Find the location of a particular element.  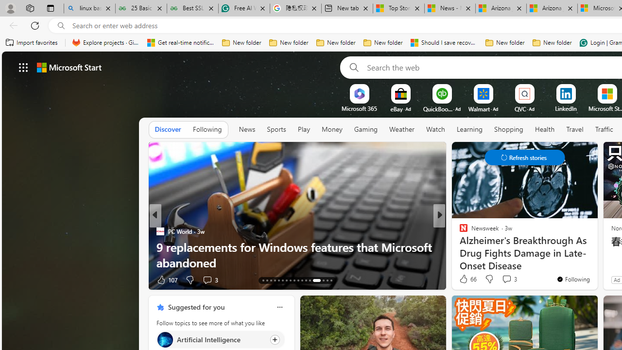

'AutomationID: tab-17' is located at coordinates (278, 280).